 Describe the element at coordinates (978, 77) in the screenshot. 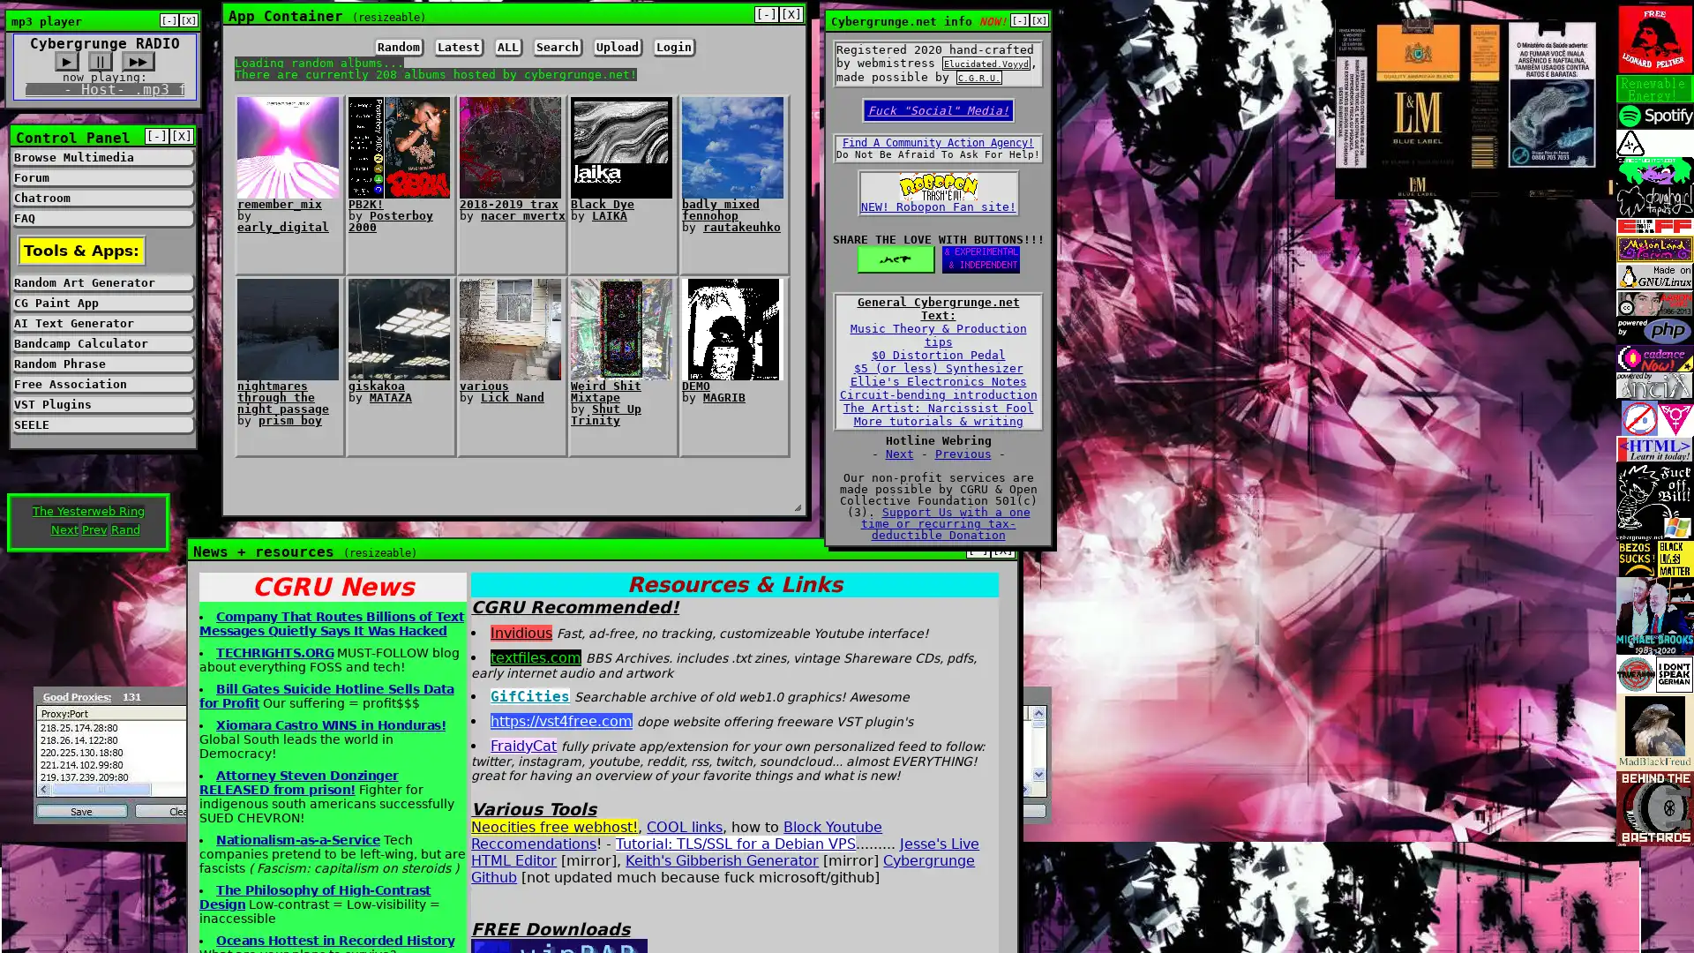

I see `C.G.R.U.` at that location.